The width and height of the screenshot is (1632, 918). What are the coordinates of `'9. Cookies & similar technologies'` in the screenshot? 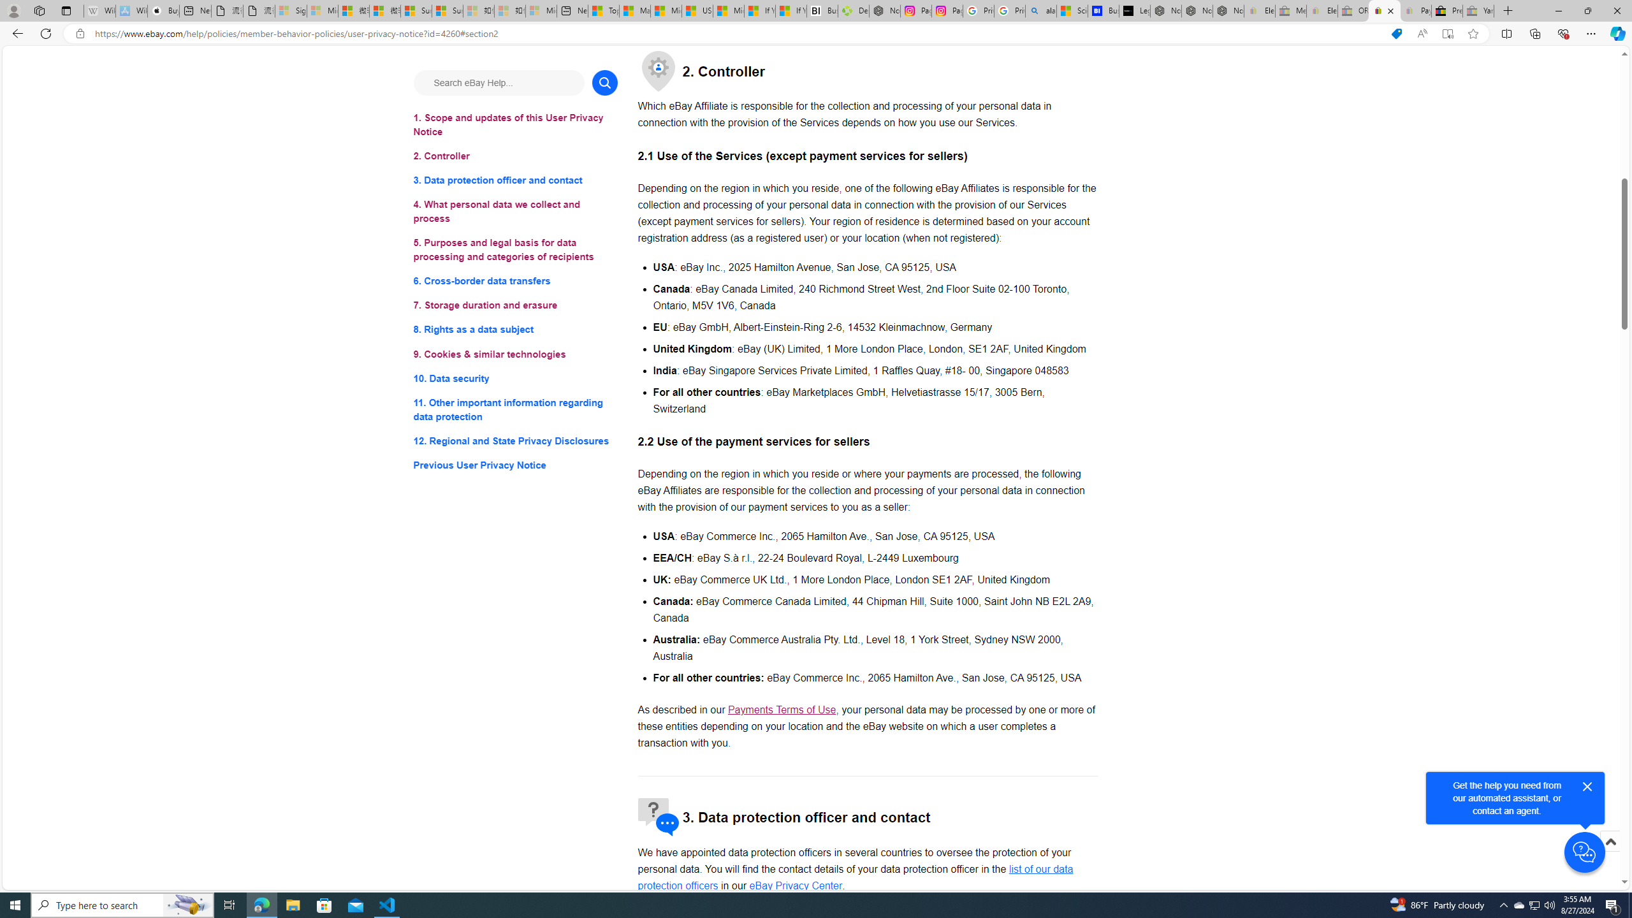 It's located at (514, 354).